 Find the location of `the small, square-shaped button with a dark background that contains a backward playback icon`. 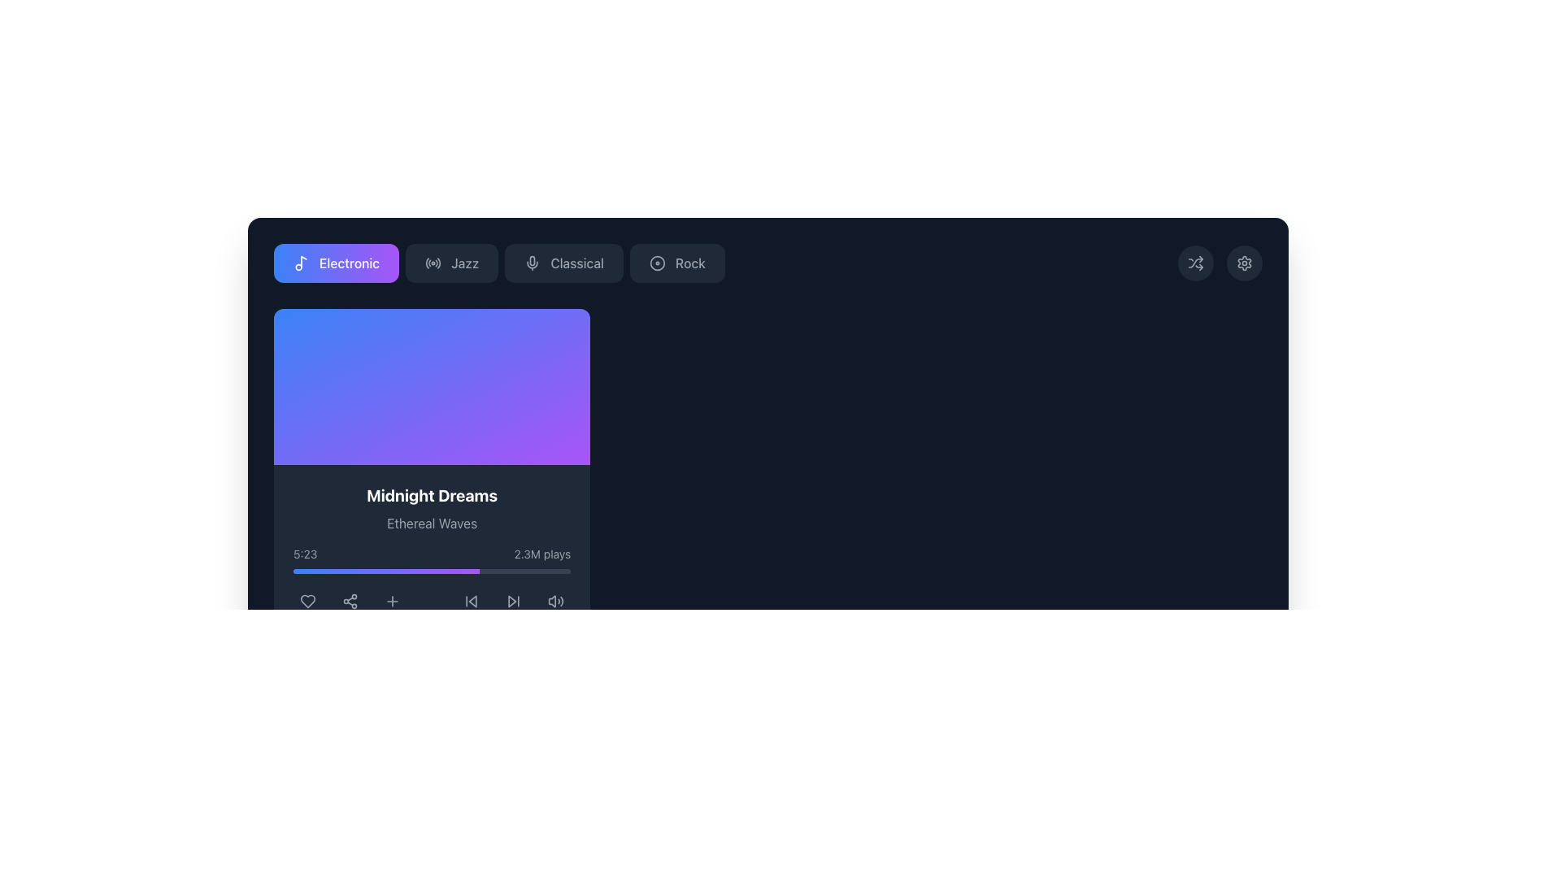

the small, square-shaped button with a dark background that contains a backward playback icon is located at coordinates (471, 602).